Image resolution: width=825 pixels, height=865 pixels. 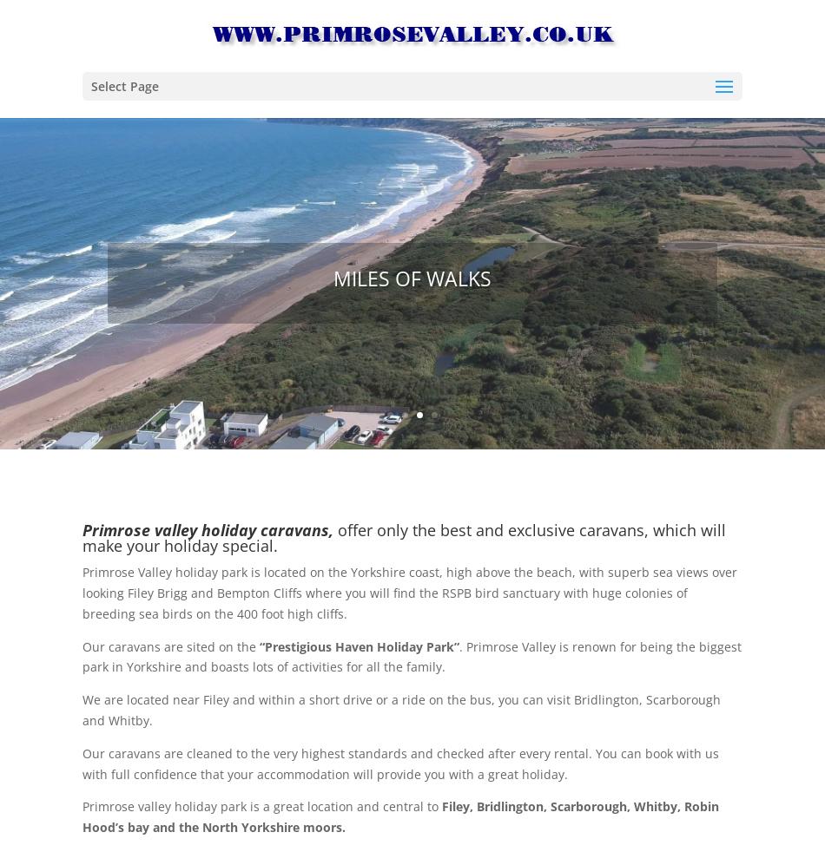 What do you see at coordinates (82, 645) in the screenshot?
I see `'Our caravans are sited on the'` at bounding box center [82, 645].